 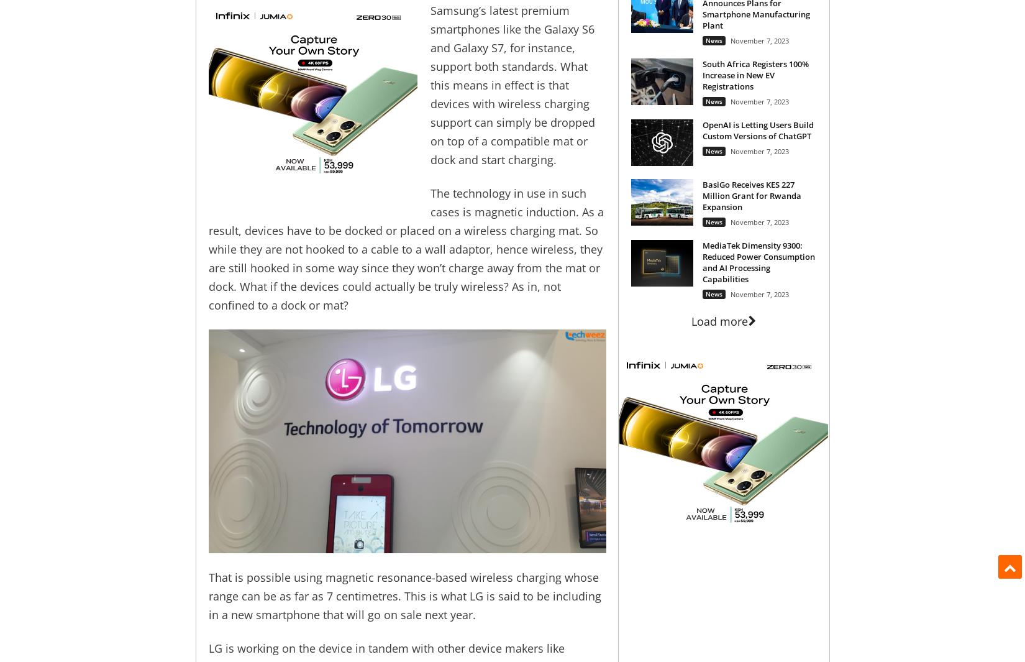 What do you see at coordinates (751, 194) in the screenshot?
I see `'BasiGo Receives KES 227 Million Grant for Rwanda Expansion'` at bounding box center [751, 194].